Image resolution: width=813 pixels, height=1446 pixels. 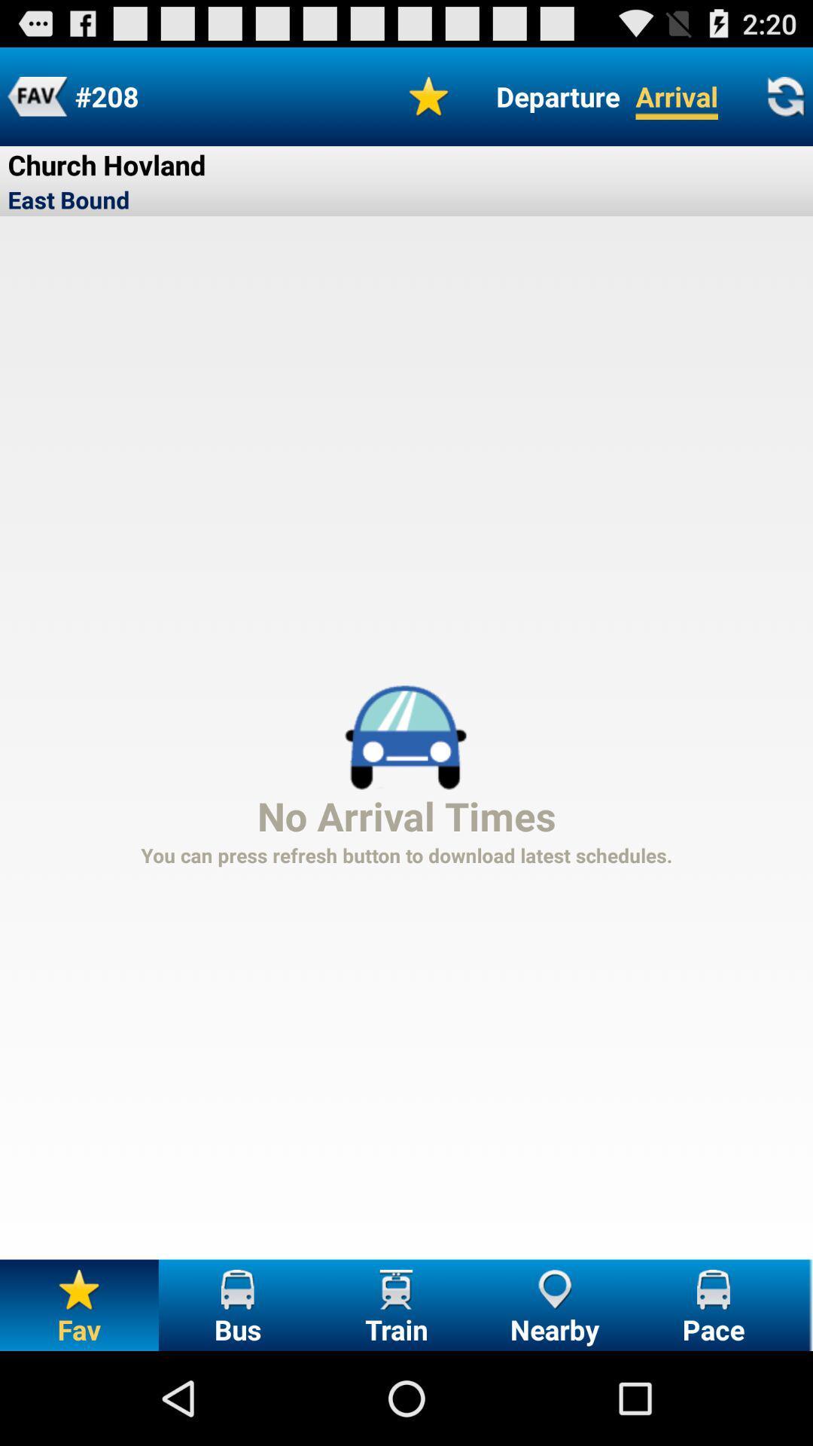 What do you see at coordinates (36, 96) in the screenshot?
I see `the app above the church hovland icon` at bounding box center [36, 96].